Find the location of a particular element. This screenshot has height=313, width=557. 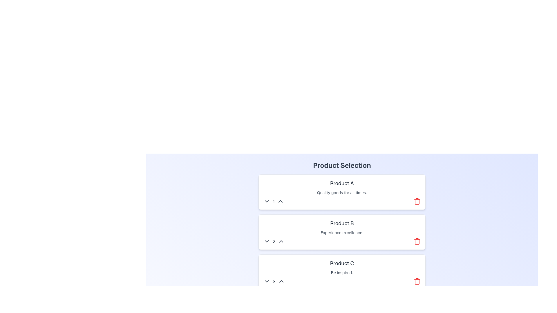

the upward-pointing chevron button styled with a thin stroke and sharp design, located at the far-right bottom of the 'Product C' card is located at coordinates (281, 281).